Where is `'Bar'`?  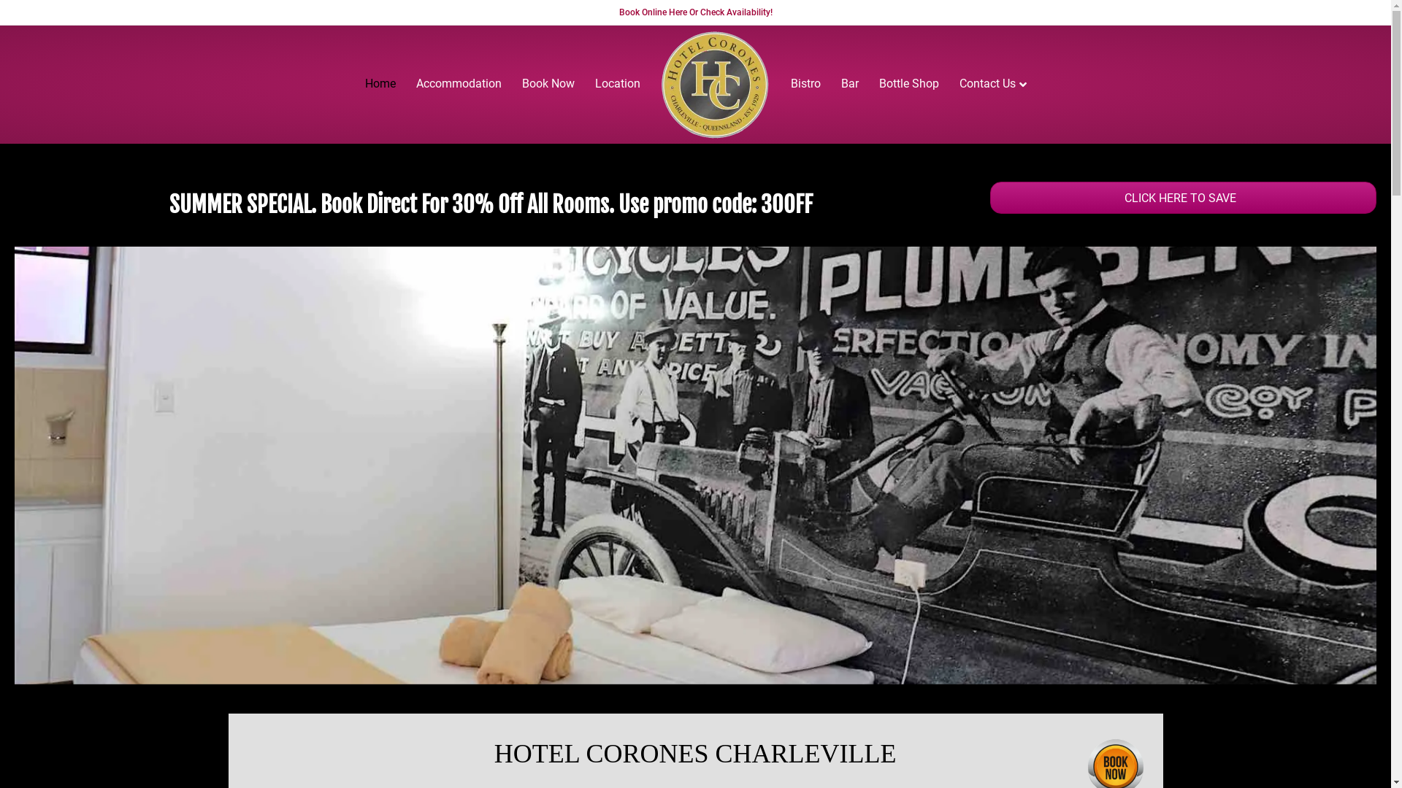
'Bar' is located at coordinates (849, 84).